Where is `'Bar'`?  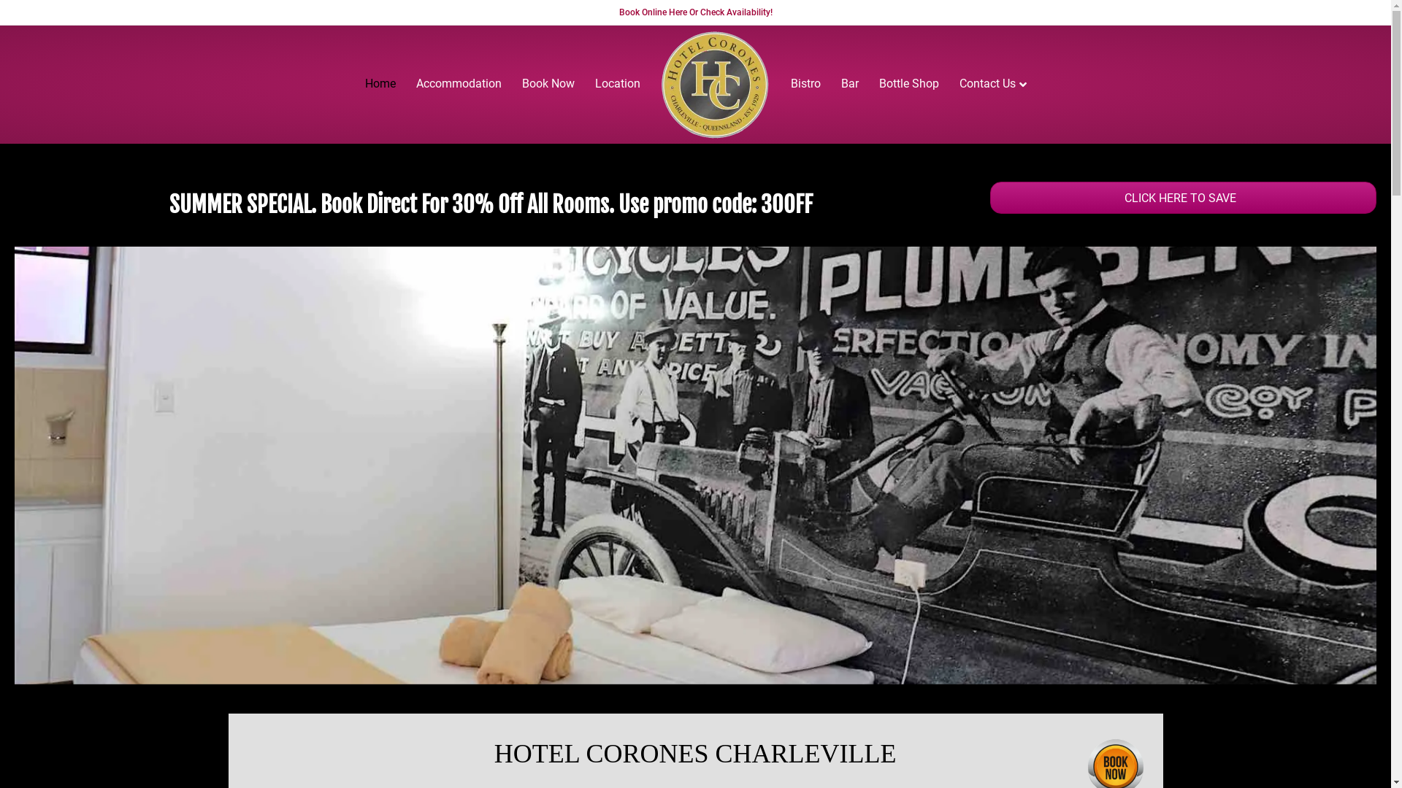
'Bar' is located at coordinates (849, 84).